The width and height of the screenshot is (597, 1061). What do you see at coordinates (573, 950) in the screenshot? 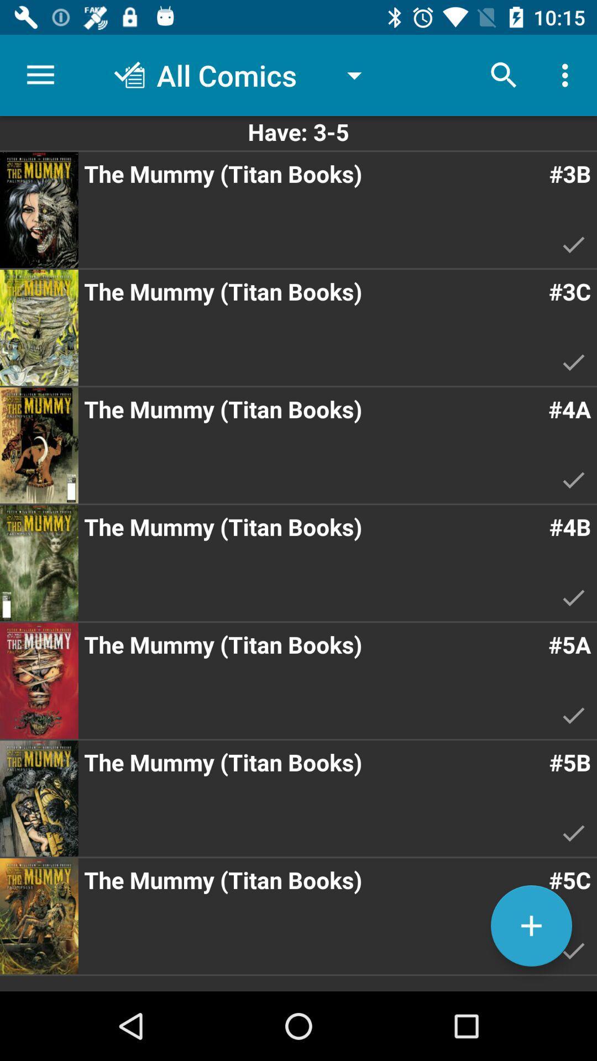
I see `the tick mark on the bottom right corner` at bounding box center [573, 950].